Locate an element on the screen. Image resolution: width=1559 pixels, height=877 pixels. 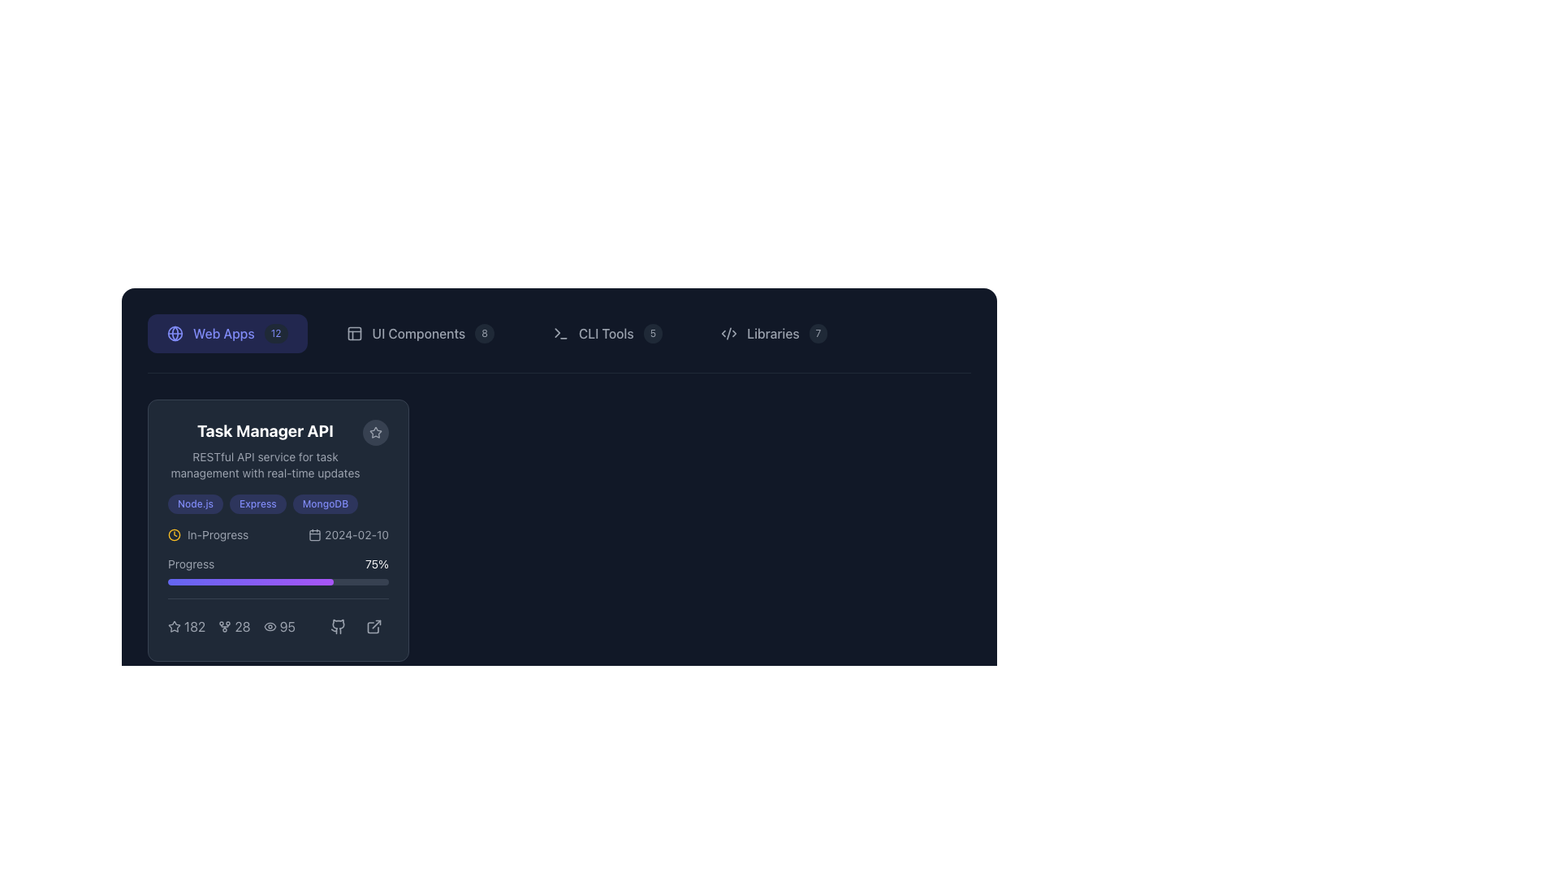
the visual status conveyed by the Icon element located near the top-left of the 'Task Manager API' card, to the left of the 'in-progress' label is located at coordinates (175, 535).